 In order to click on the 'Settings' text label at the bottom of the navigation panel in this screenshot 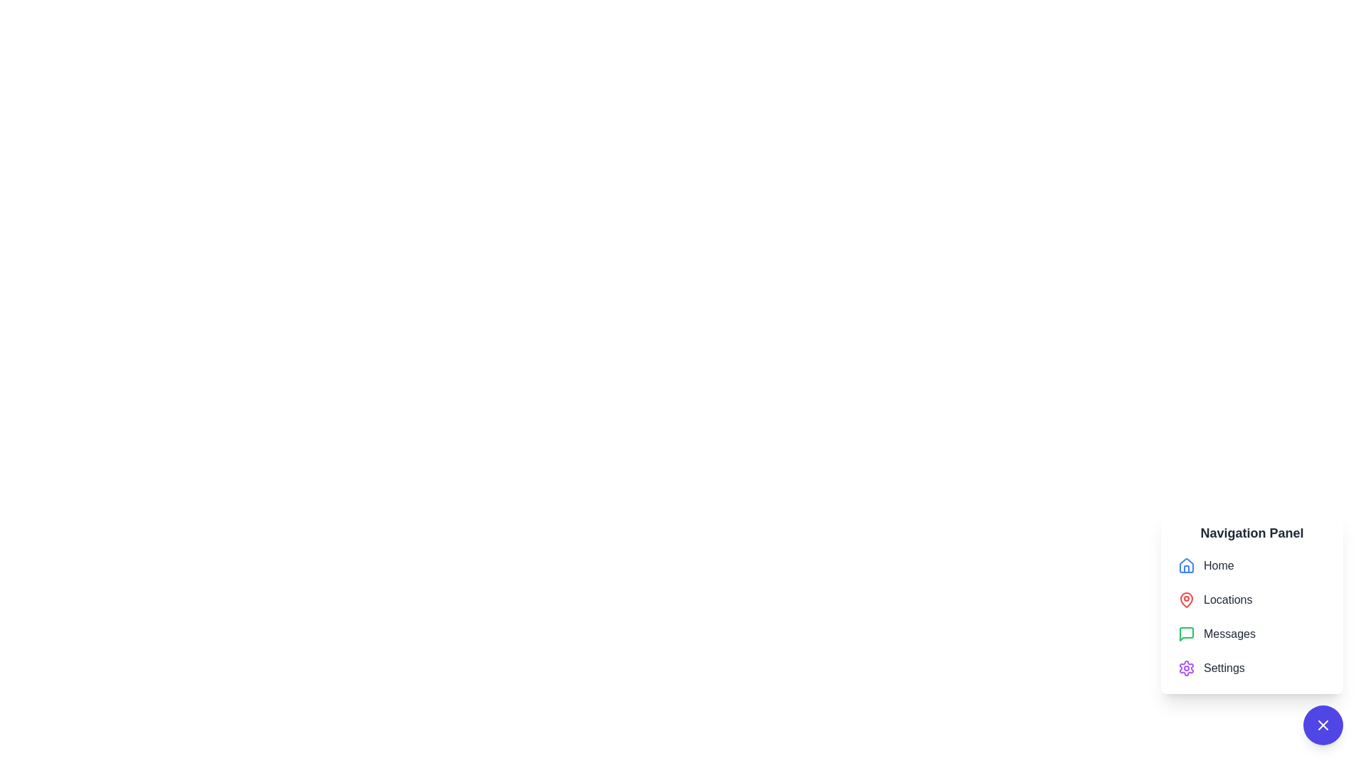, I will do `click(1223, 668)`.